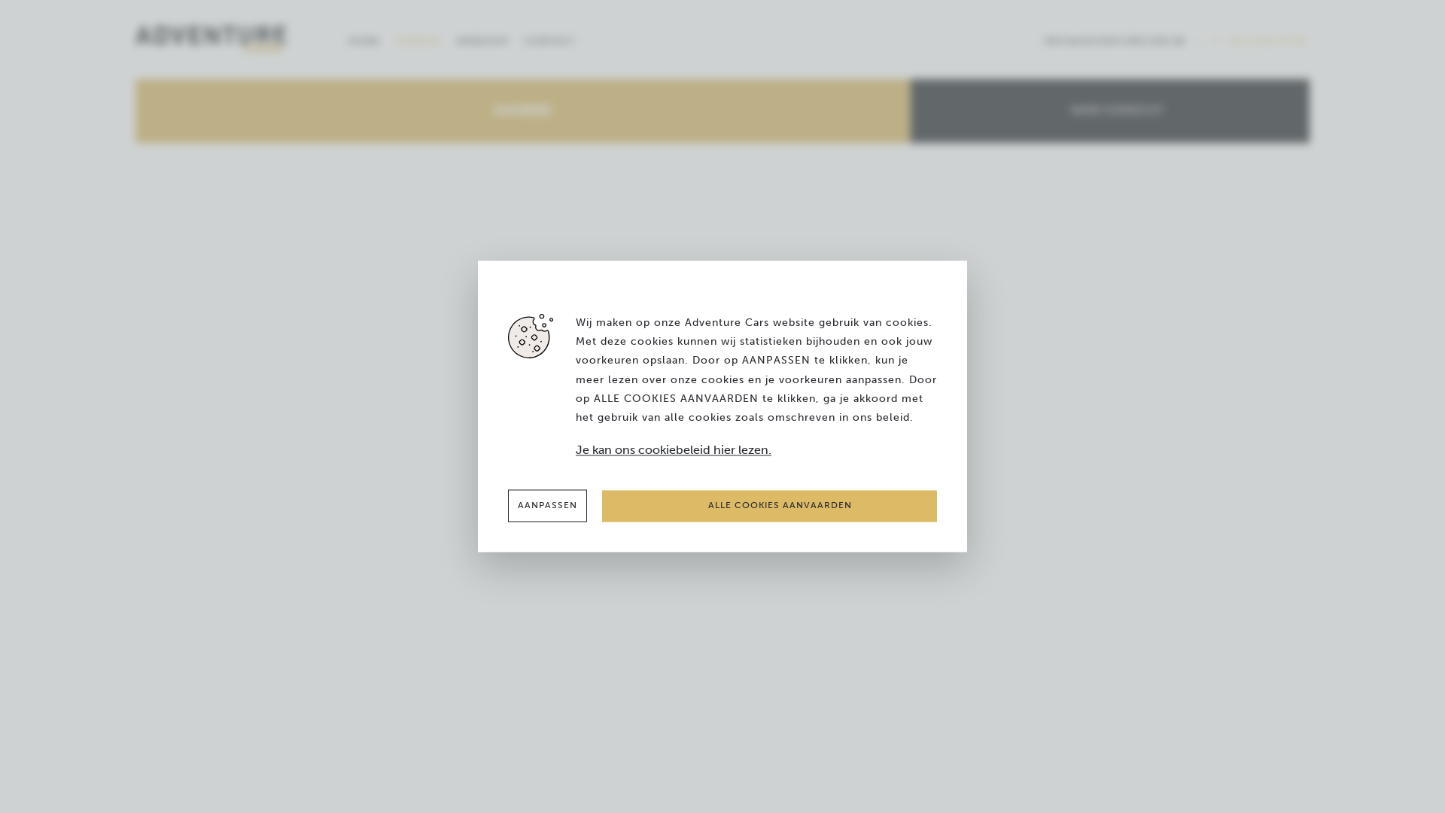  Describe the element at coordinates (418, 39) in the screenshot. I see `'AANBOD'` at that location.